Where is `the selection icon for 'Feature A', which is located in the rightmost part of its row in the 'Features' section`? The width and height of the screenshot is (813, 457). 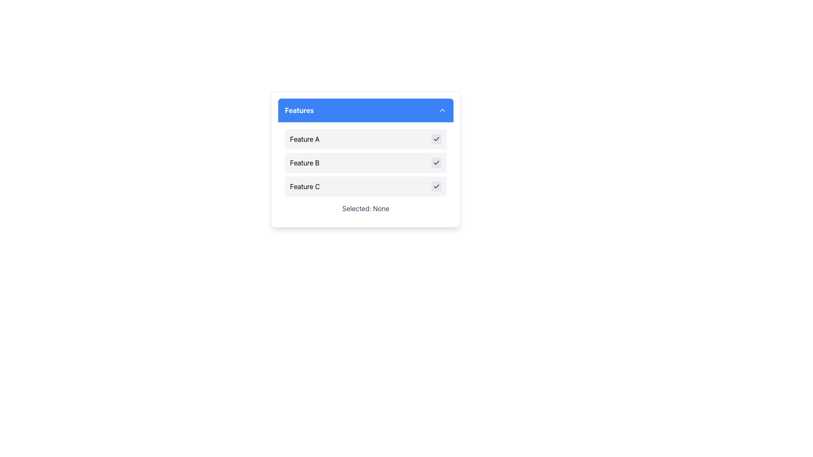
the selection icon for 'Feature A', which is located in the rightmost part of its row in the 'Features' section is located at coordinates (437, 138).